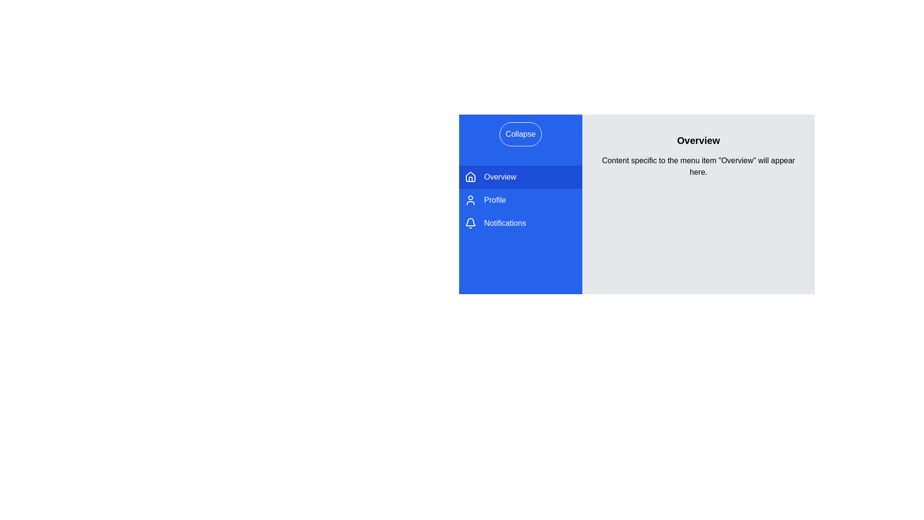  What do you see at coordinates (471, 223) in the screenshot?
I see `the bell icon in the navigation menu, located between the 'Profile' section and the 'Notifications' text` at bounding box center [471, 223].